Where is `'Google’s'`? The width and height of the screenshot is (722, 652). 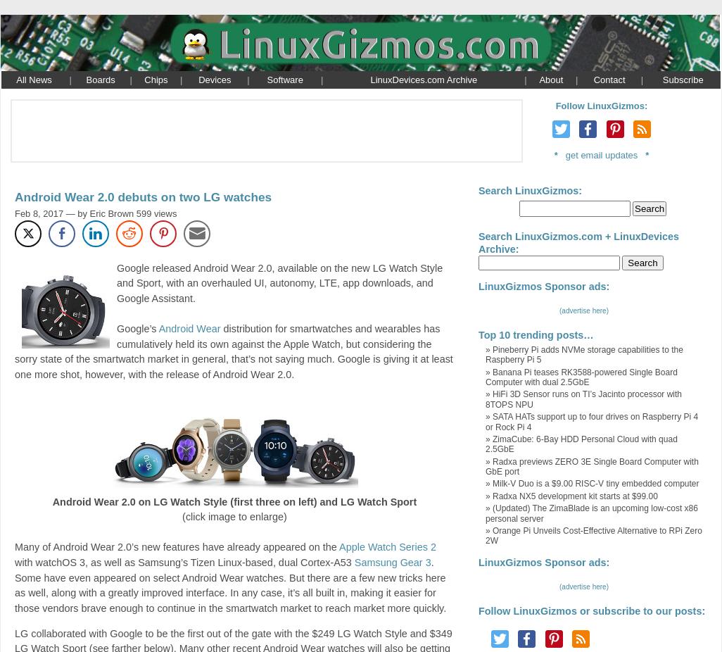
'Google’s' is located at coordinates (116, 327).